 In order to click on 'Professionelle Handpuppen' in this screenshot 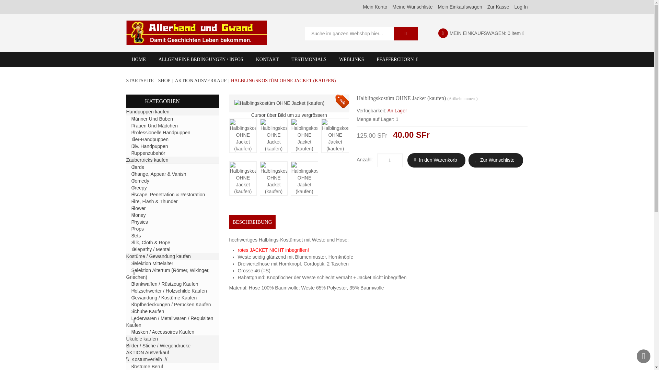, I will do `click(131, 132)`.